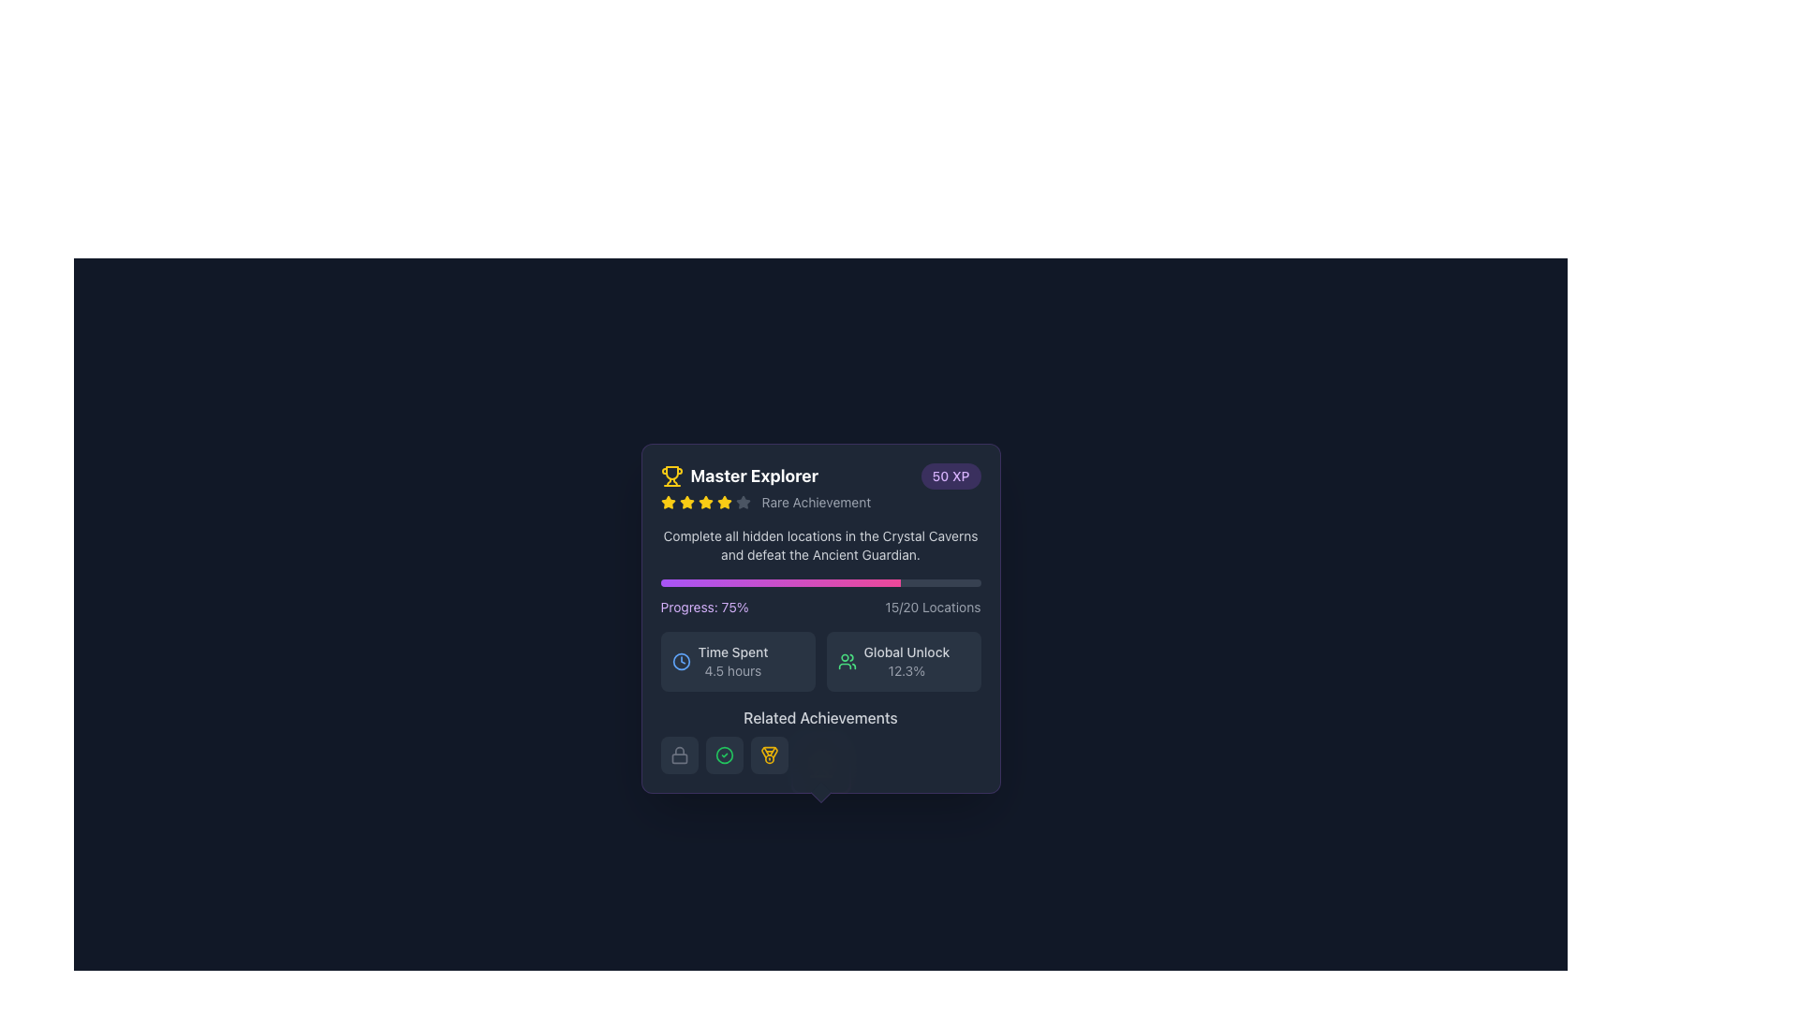 The image size is (1798, 1011). What do you see at coordinates (820, 793) in the screenshot?
I see `the small, square-shaped decorative element styled as a diamond with a dark gray background and a semi-transparent purple border, located at the center of the bottom edge of the 'Master Explorer' achievement card` at bounding box center [820, 793].